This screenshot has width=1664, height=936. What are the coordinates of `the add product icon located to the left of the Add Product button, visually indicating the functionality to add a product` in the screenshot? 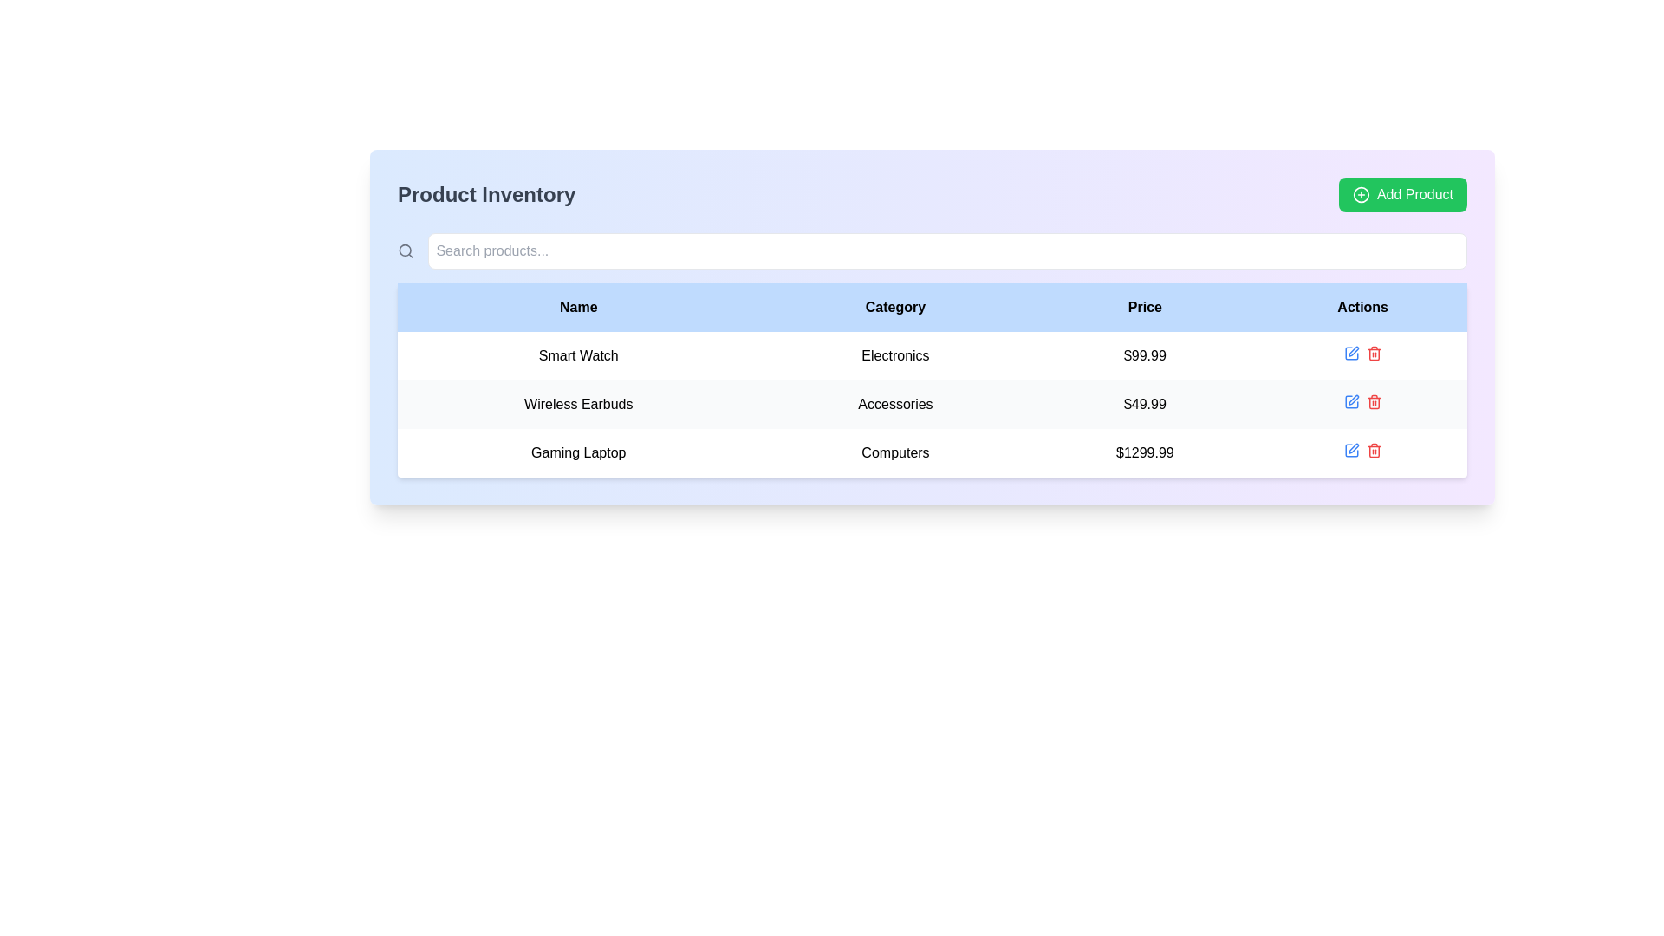 It's located at (1360, 194).